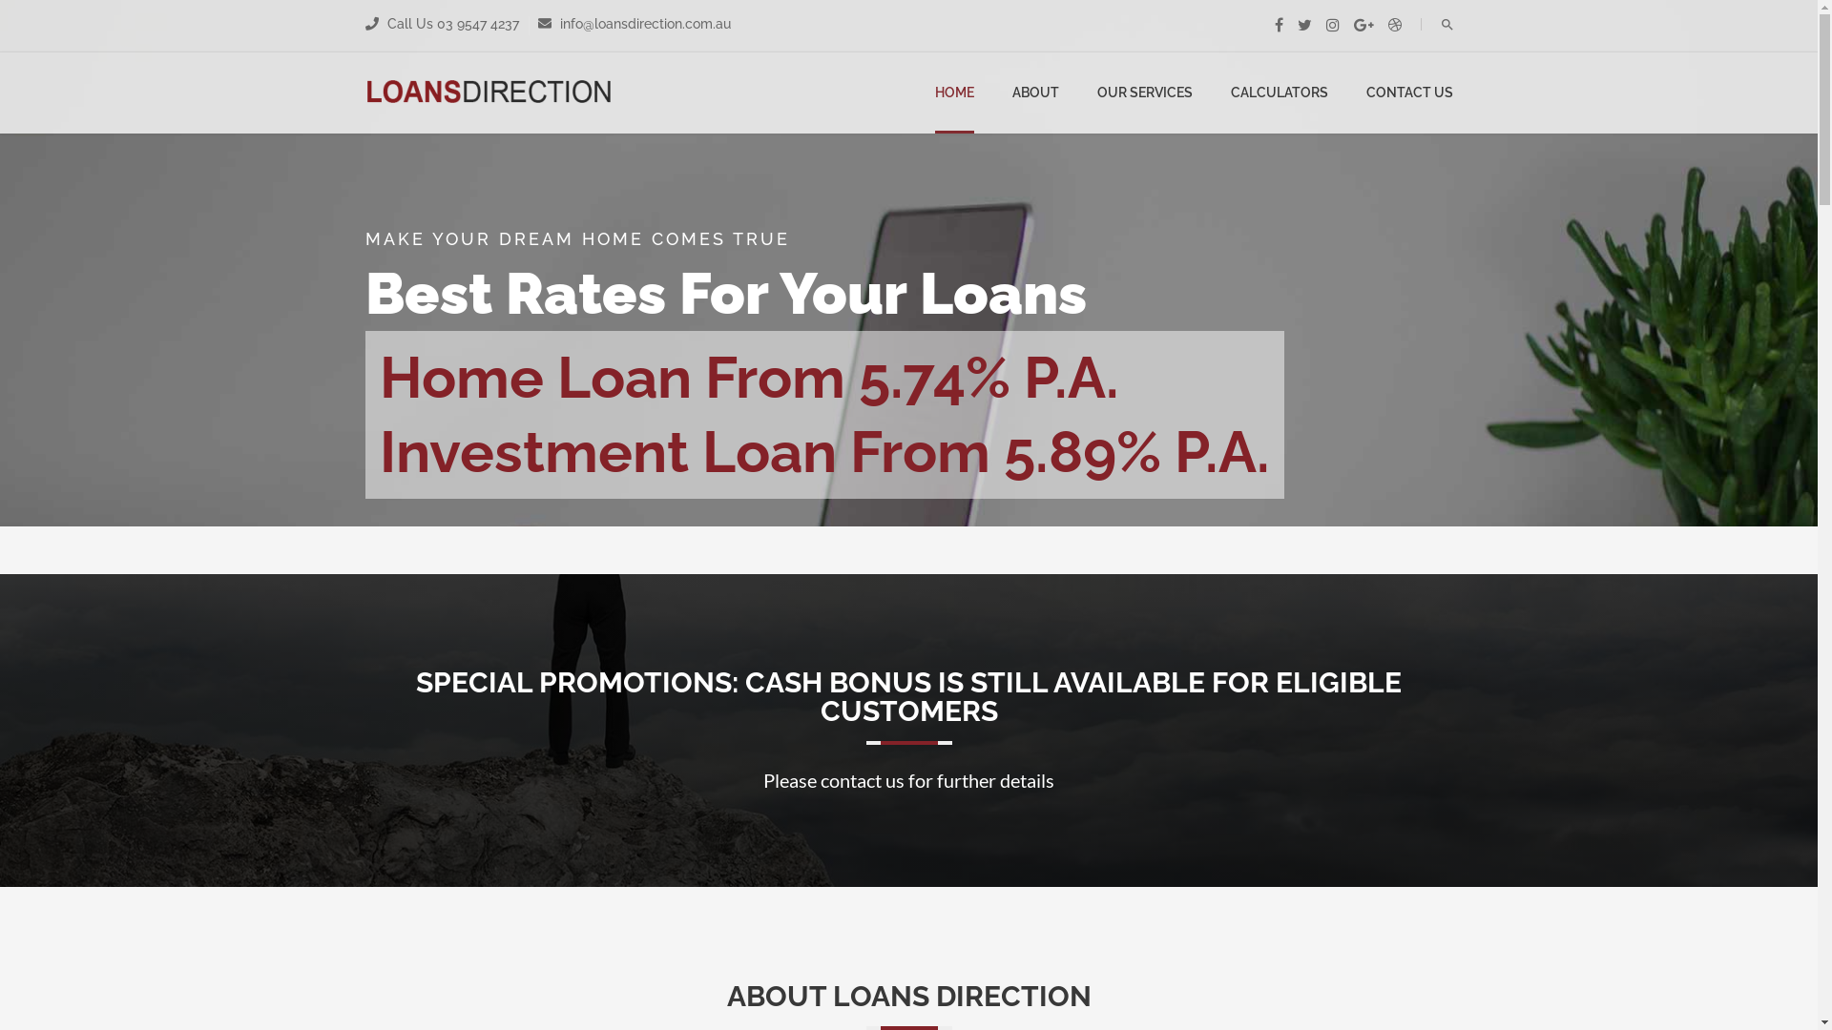  I want to click on 'OUR SERVICES', so click(1097, 93).